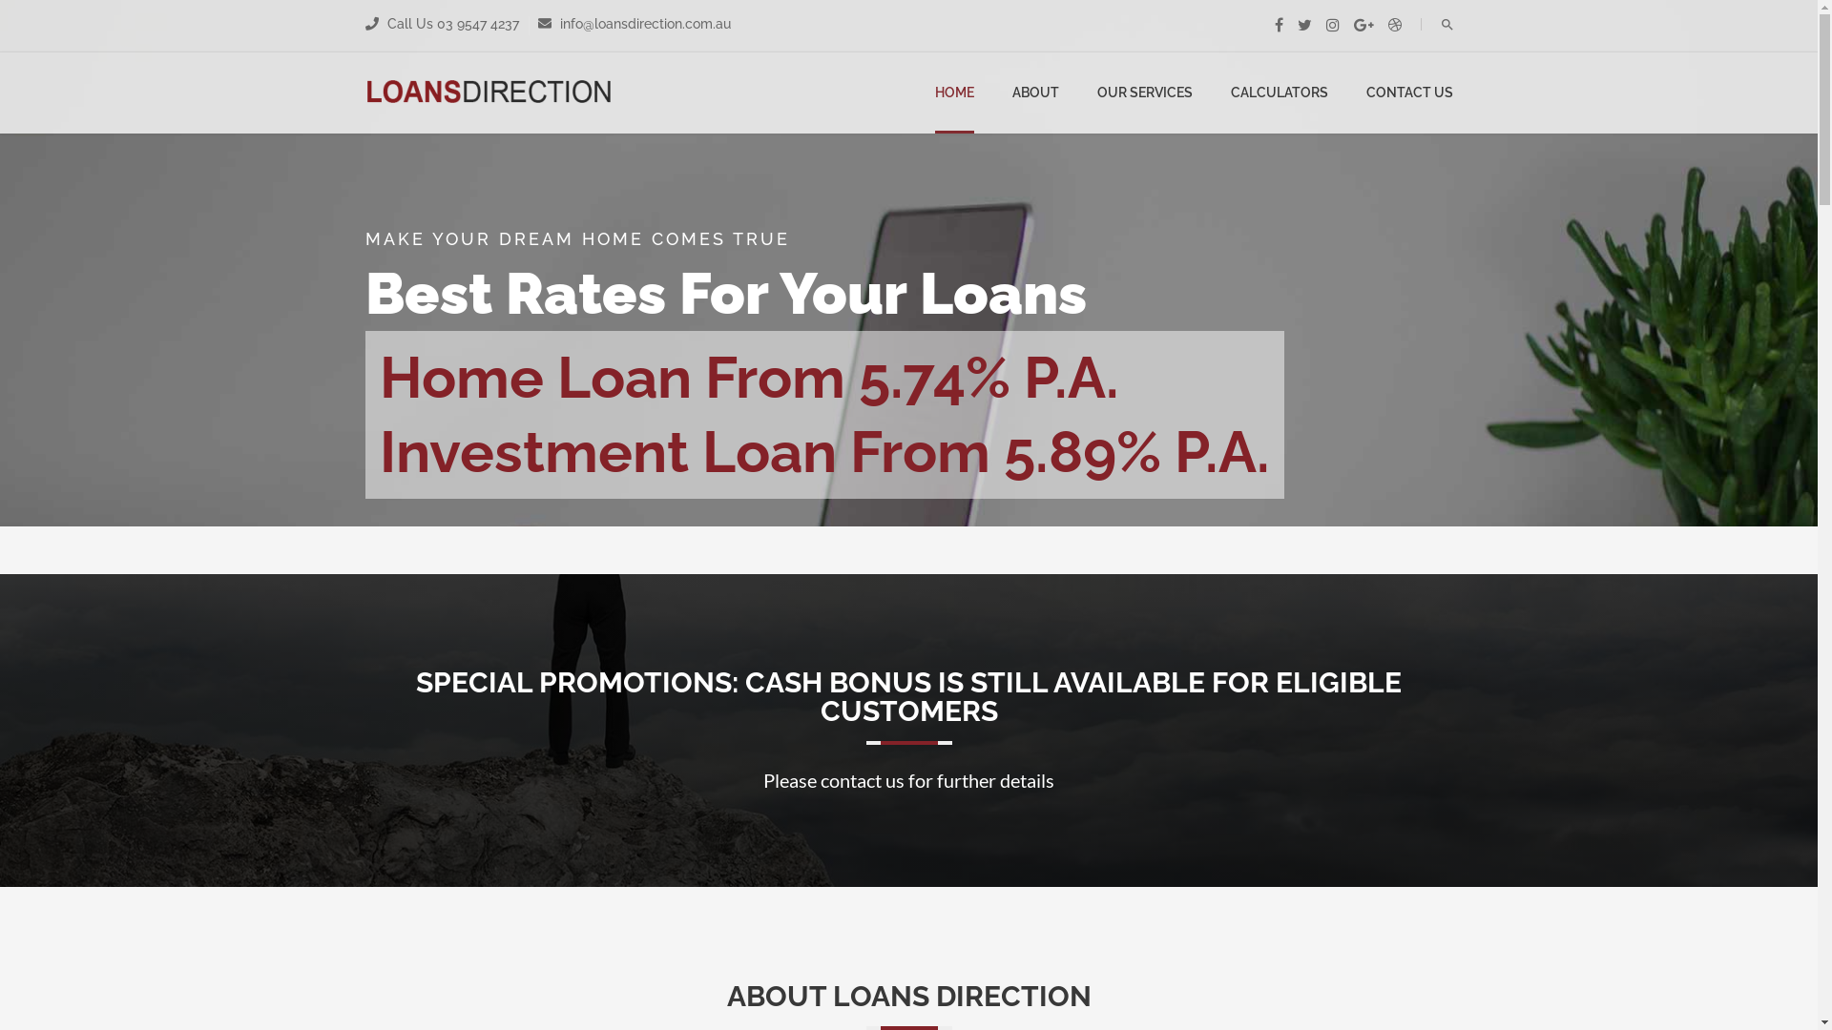  I want to click on 'OUR SERVICES', so click(1097, 93).